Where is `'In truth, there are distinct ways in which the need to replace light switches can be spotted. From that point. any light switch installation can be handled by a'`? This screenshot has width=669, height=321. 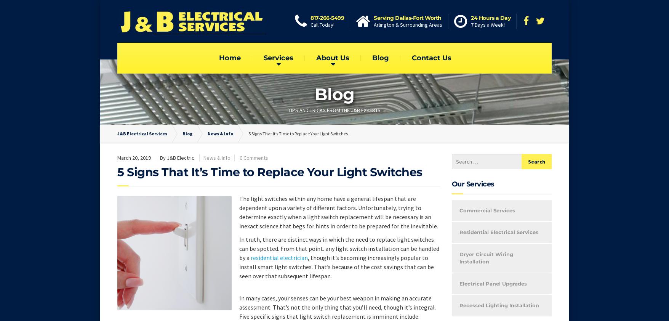 'In truth, there are distinct ways in which the need to replace light switches can be spotted. From that point. any light switch installation can be handled by a' is located at coordinates (339, 248).